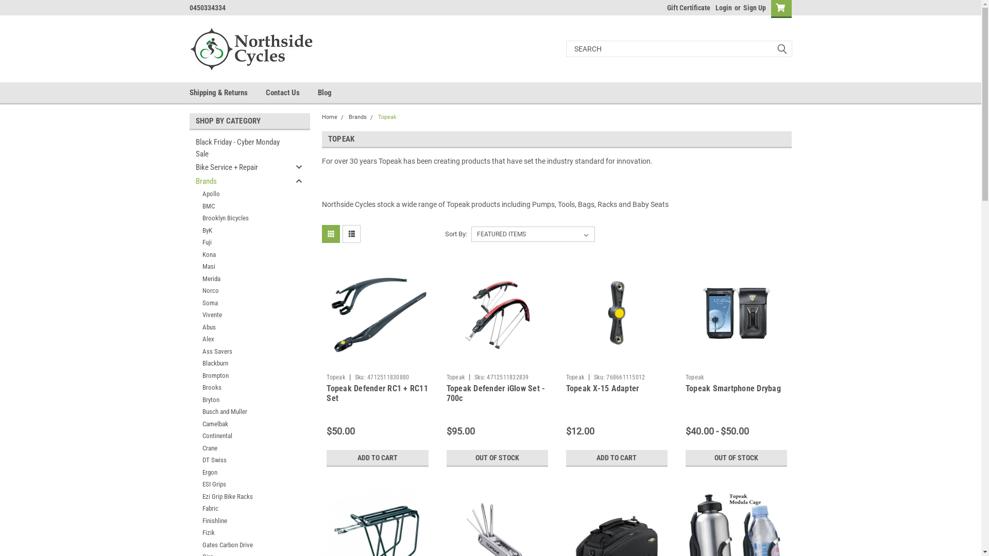  I want to click on 'Topeak X-15 Adapter', so click(617, 312).